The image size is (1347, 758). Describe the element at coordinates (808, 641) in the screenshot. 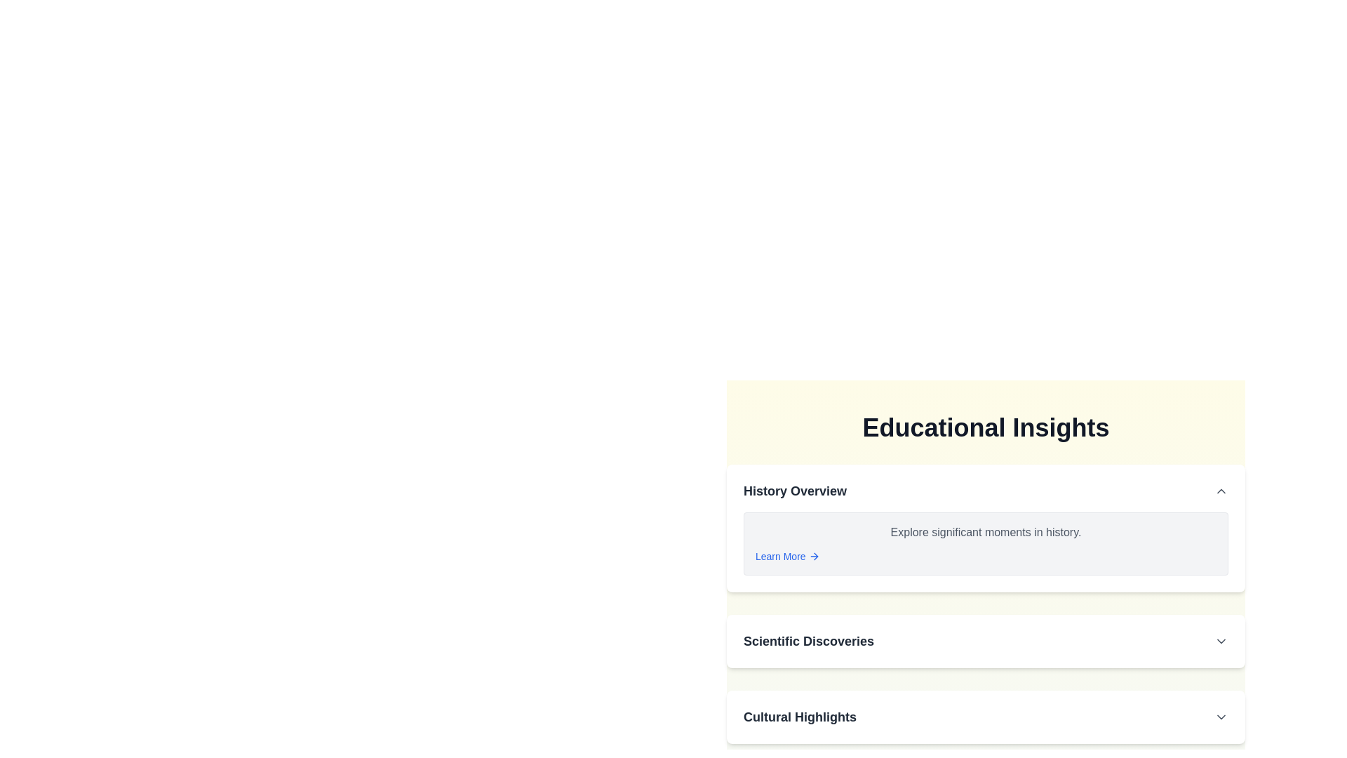

I see `section heading text labeled 'Scientific Discoveries', which is styled in a larger, bold sans-serif font and prominently displayed in dark gray on a light background` at that location.